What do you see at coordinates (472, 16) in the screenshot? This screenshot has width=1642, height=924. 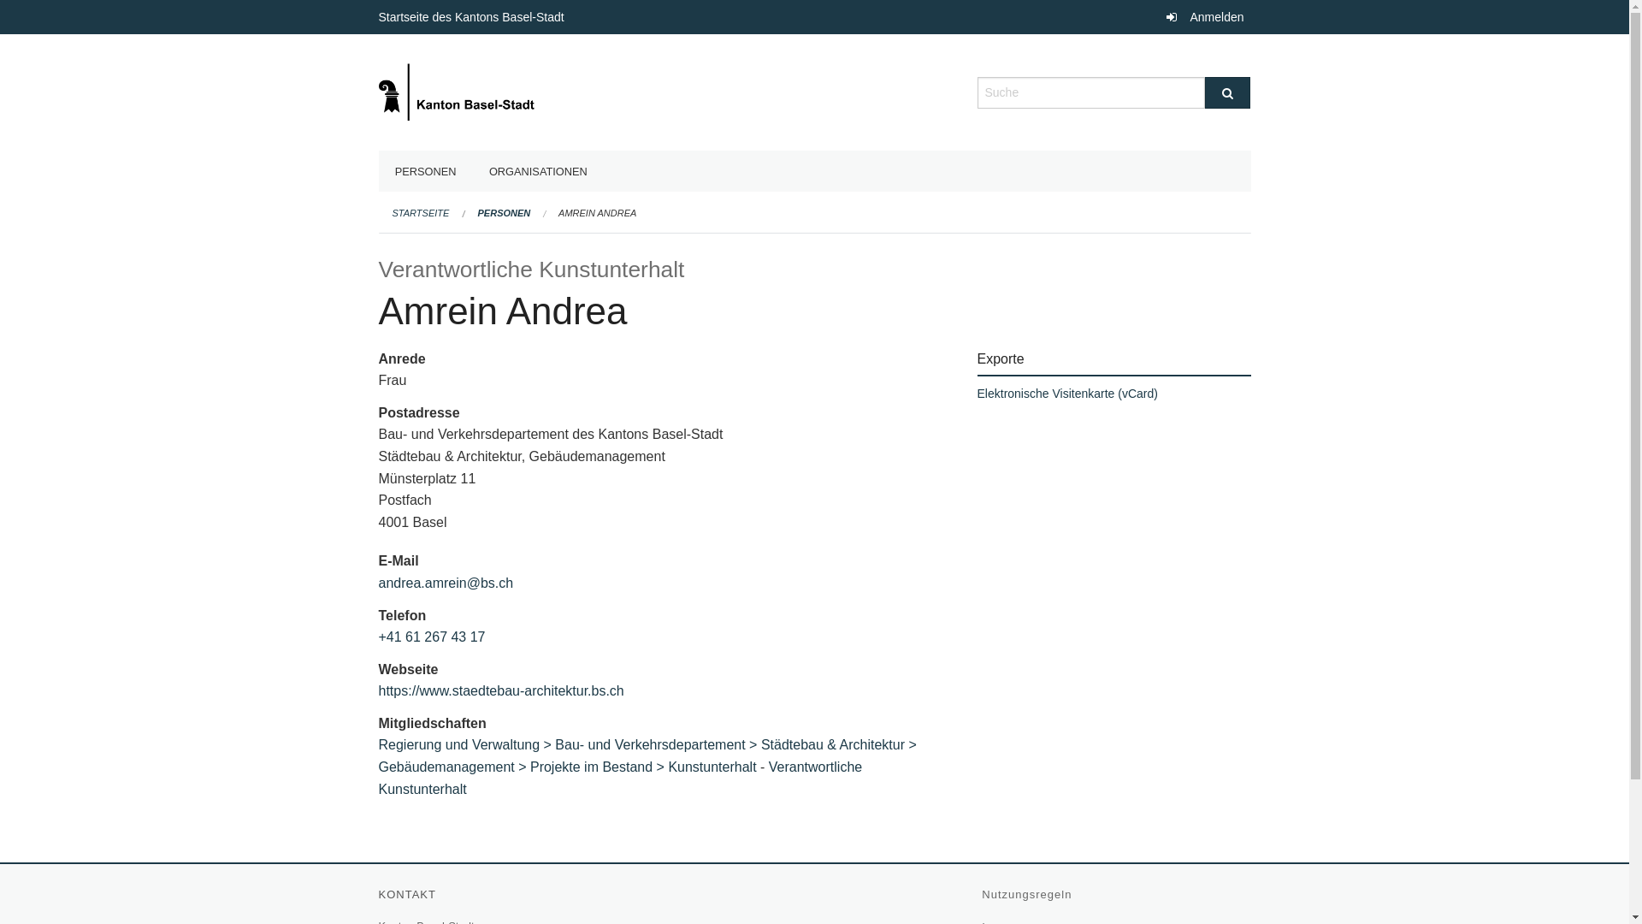 I see `'Startseite des Kantons Basel-Stadt` at bounding box center [472, 16].